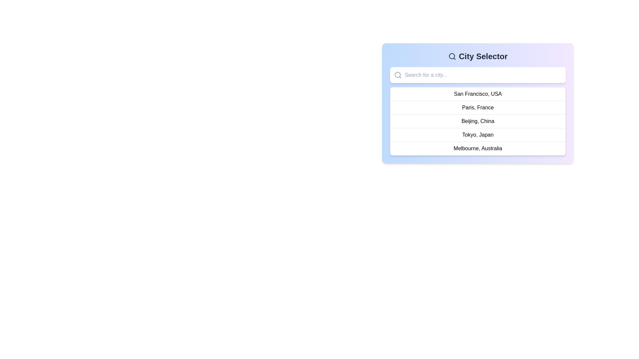 This screenshot has width=639, height=359. I want to click on the third list item displaying 'Beijing, China' in a dropdown menu, so click(477, 121).